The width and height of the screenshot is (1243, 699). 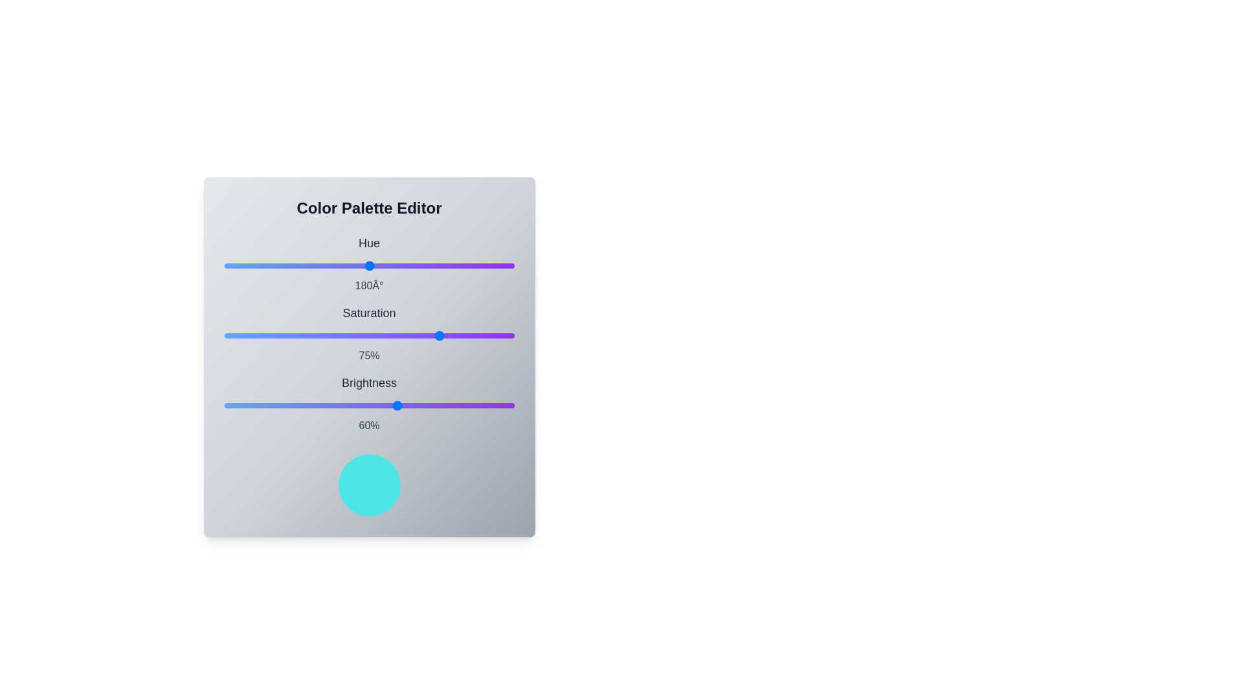 I want to click on the hue slider to set its value to 353, so click(x=508, y=265).